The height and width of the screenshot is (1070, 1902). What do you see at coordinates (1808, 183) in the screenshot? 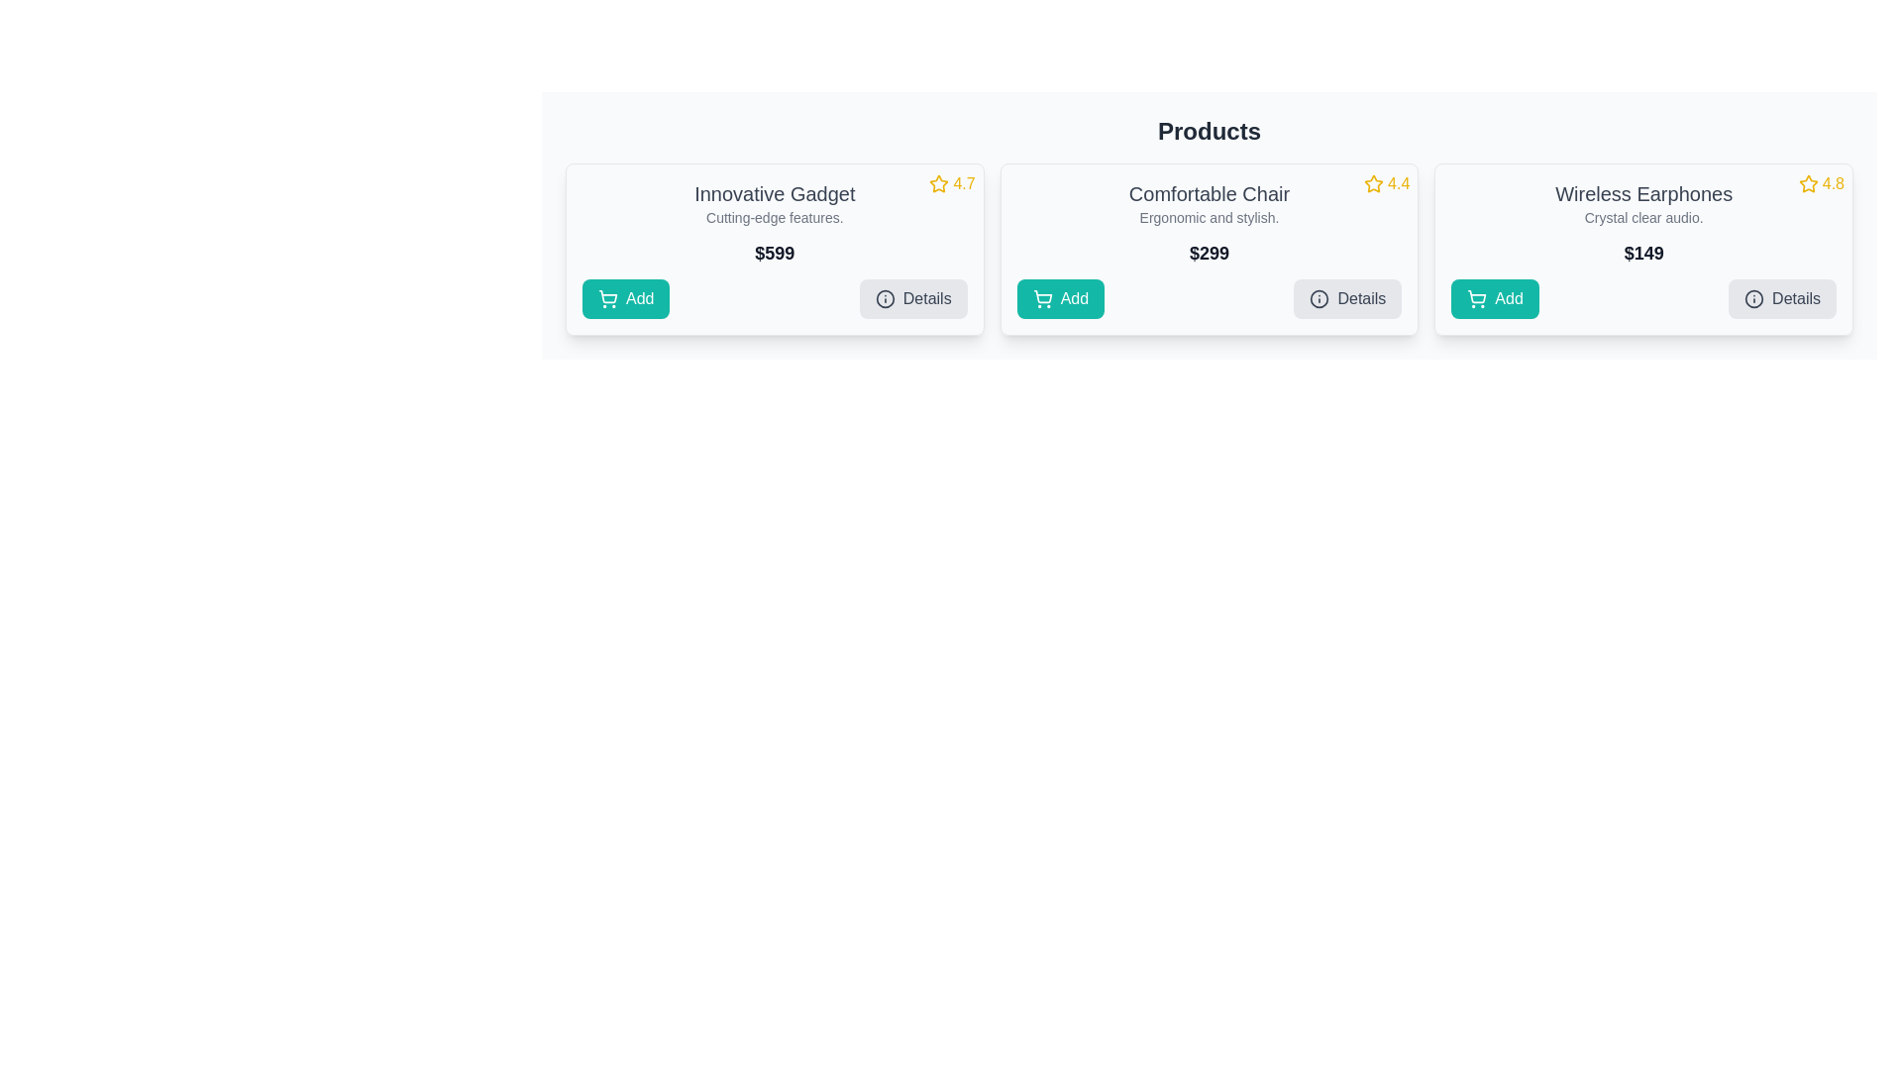
I see `the star icon for rating purposes, located at the top-right corner of the 'Wireless Earphones' product card, adjacent to the '4.8' rating text` at bounding box center [1808, 183].